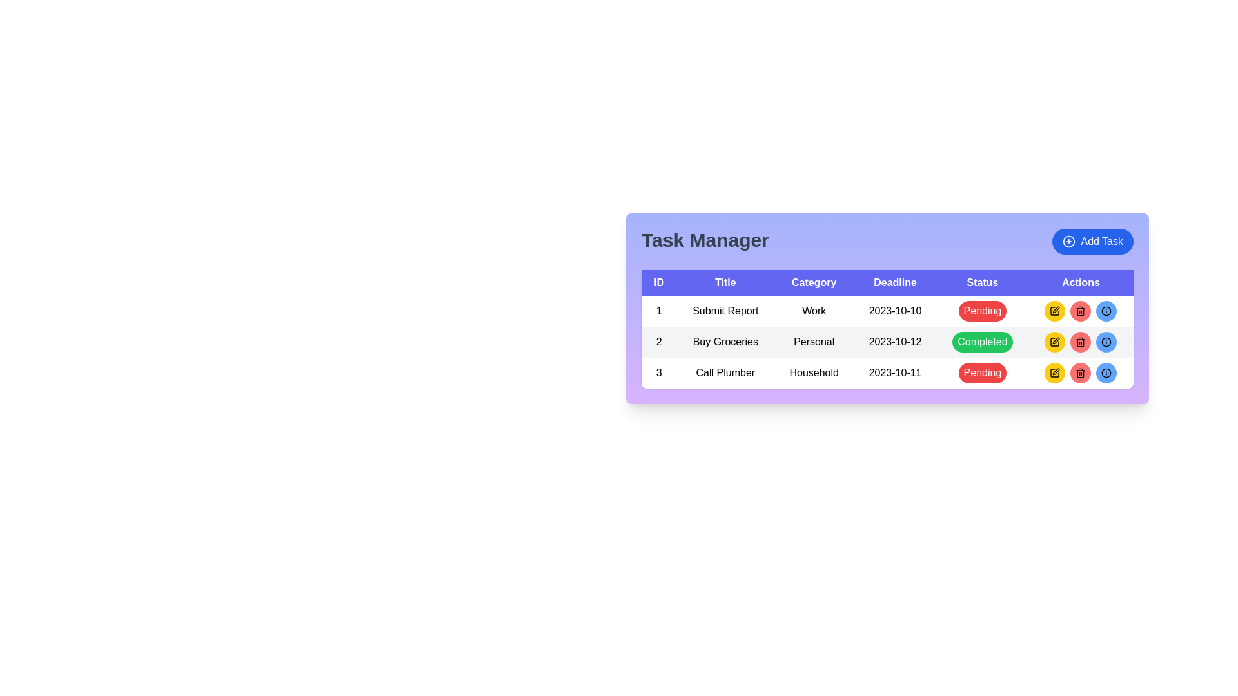 Image resolution: width=1238 pixels, height=696 pixels. I want to click on the Trash Icon Button, which is the second button in the 'Actions' column of the third row titled 'Call Plumber', so click(1081, 311).